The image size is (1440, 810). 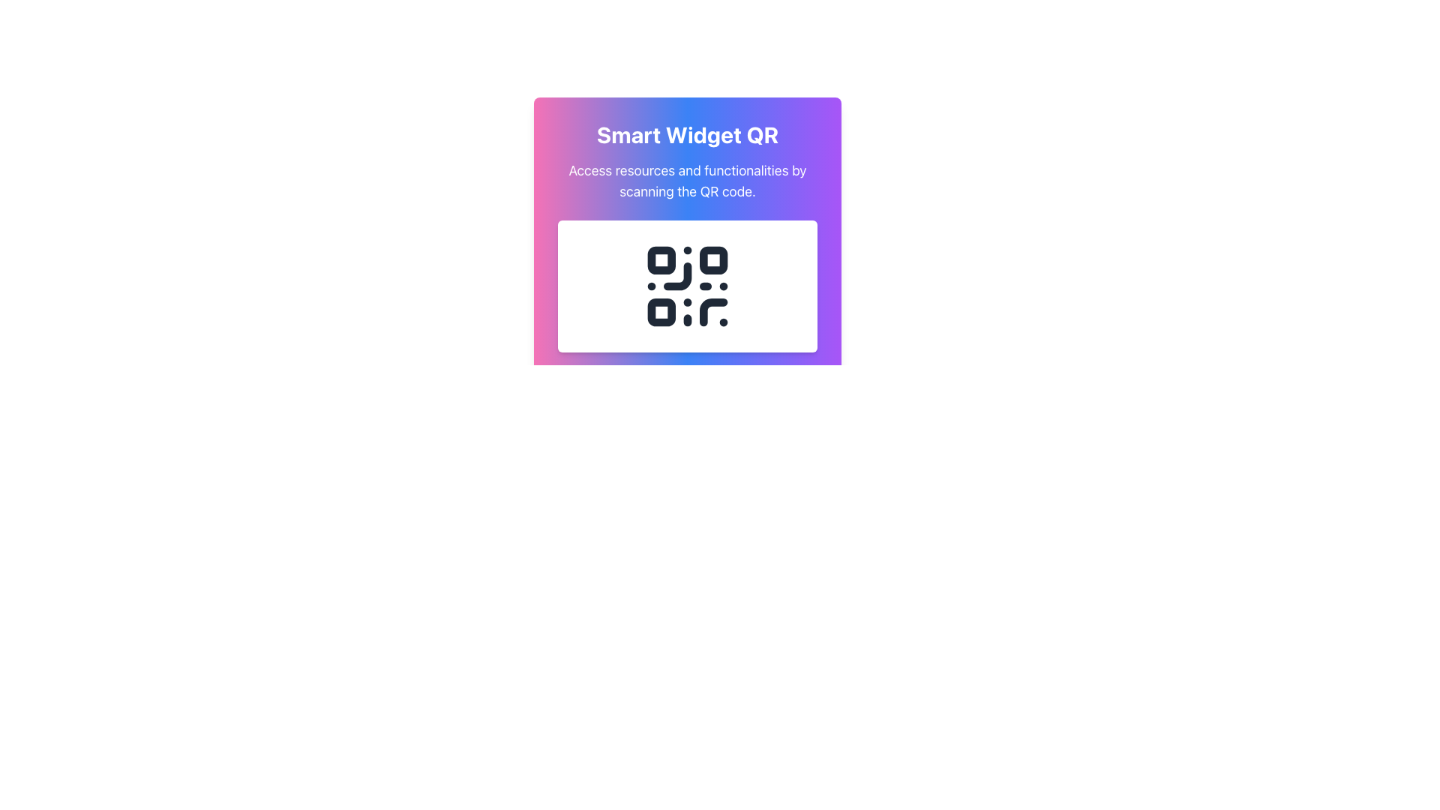 I want to click on the small black rounded square located at the bottom-left of the QR code in the 'Smart Widget QR' section, so click(x=661, y=311).